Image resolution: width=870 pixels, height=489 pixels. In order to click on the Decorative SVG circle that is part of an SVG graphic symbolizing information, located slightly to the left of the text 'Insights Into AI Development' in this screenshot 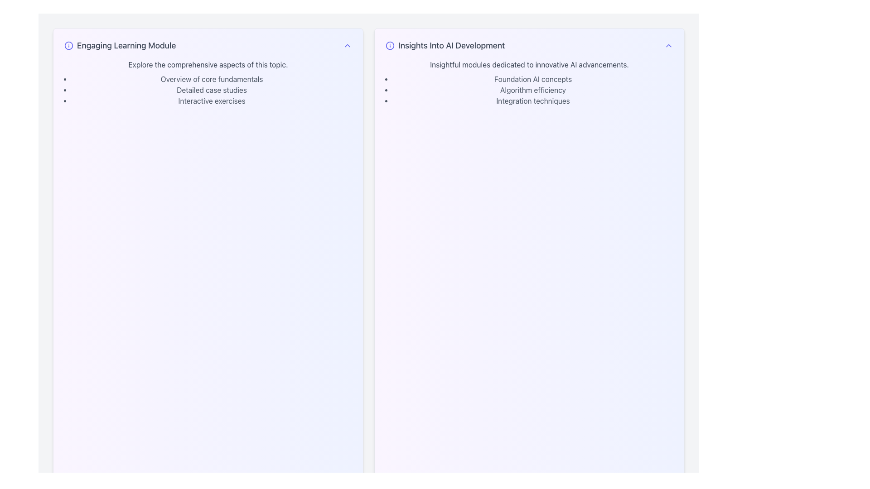, I will do `click(68, 45)`.